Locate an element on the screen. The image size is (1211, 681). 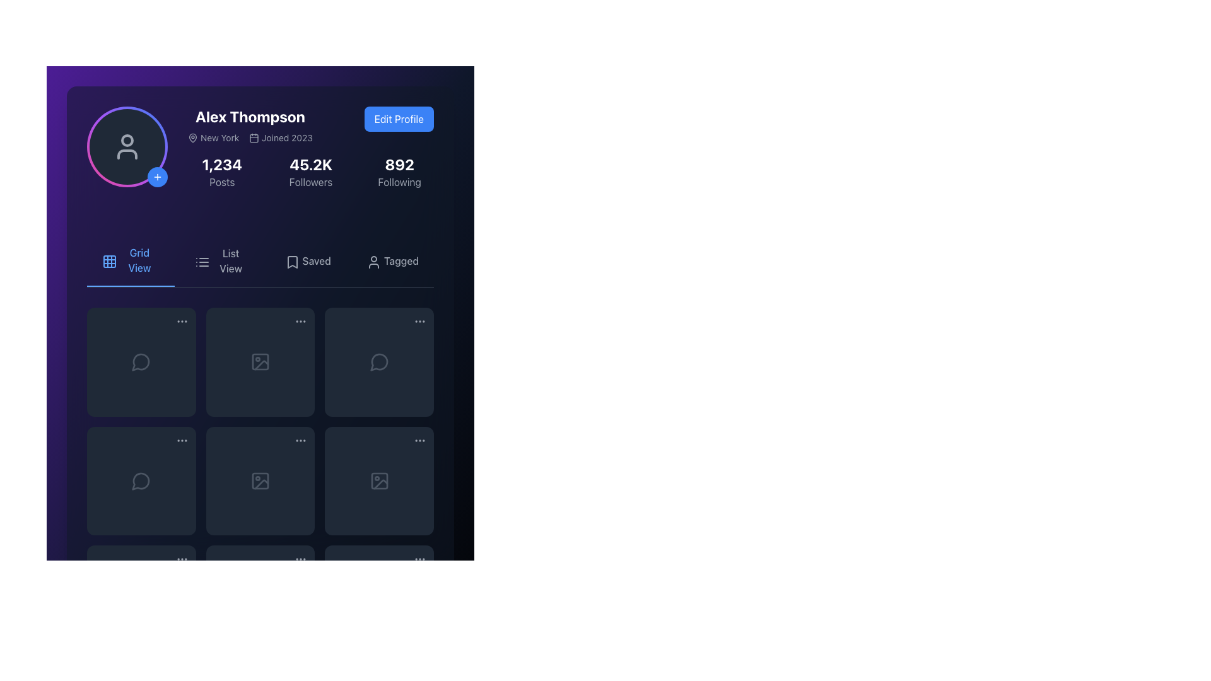
the user avatar icon located centrally within the profile section to initiate a user-related action is located at coordinates (127, 146).